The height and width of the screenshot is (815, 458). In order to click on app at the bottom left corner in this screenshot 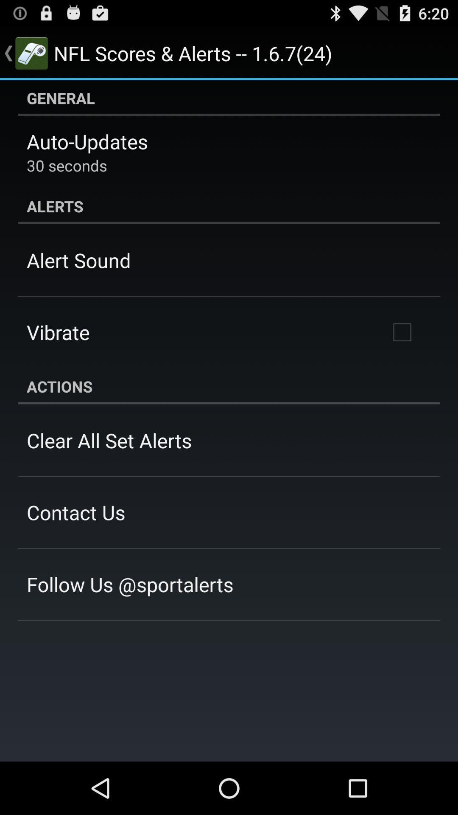, I will do `click(130, 584)`.